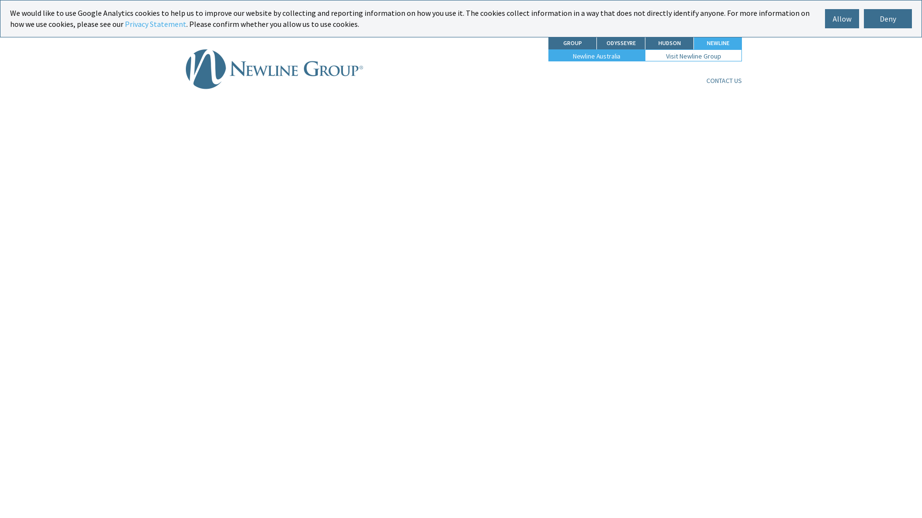  I want to click on 'Newline Australia', so click(596, 56).